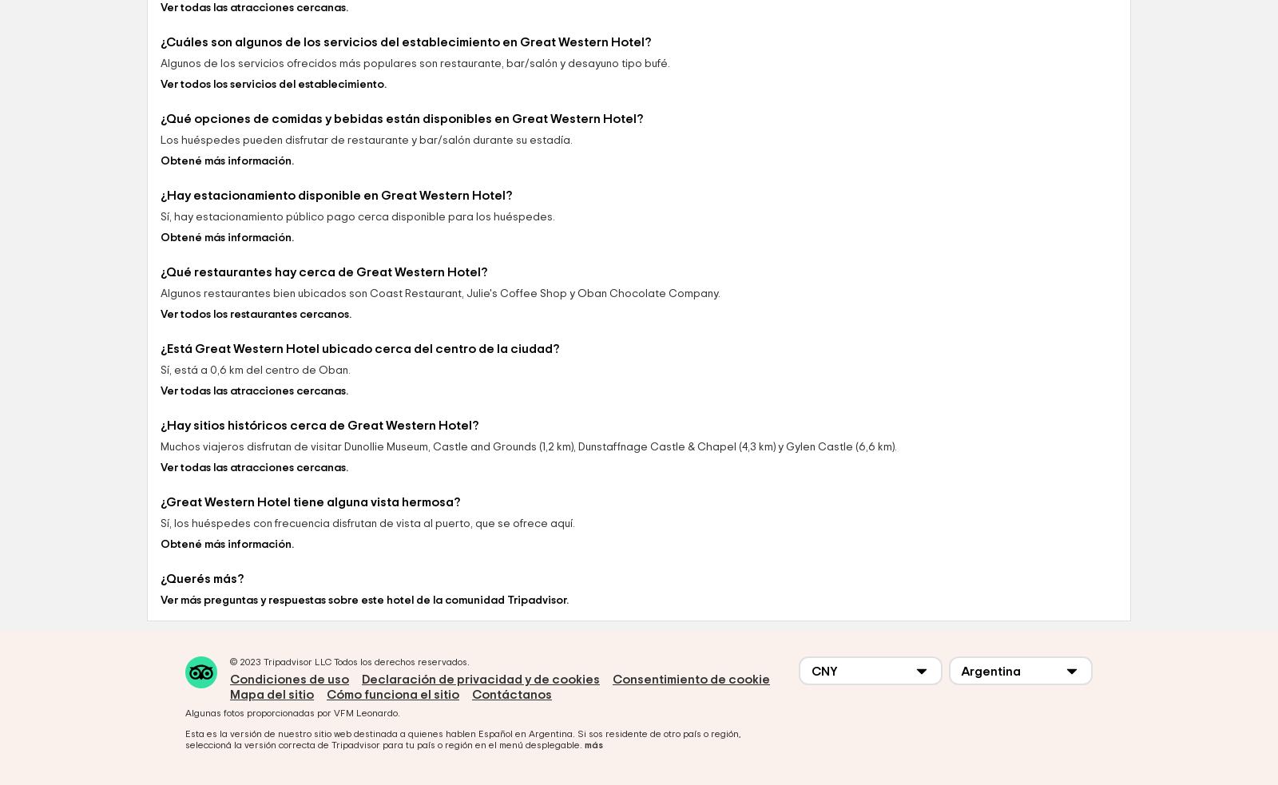 This screenshot has width=1278, height=785. Describe the element at coordinates (323, 382) in the screenshot. I see `'¿Qué restaurantes hay cerca de Great Western Hotel?'` at that location.